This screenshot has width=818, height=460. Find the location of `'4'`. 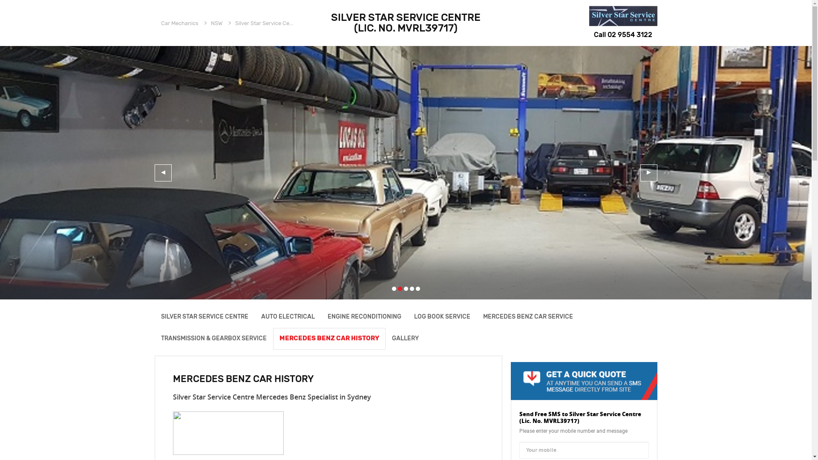

'4' is located at coordinates (412, 288).